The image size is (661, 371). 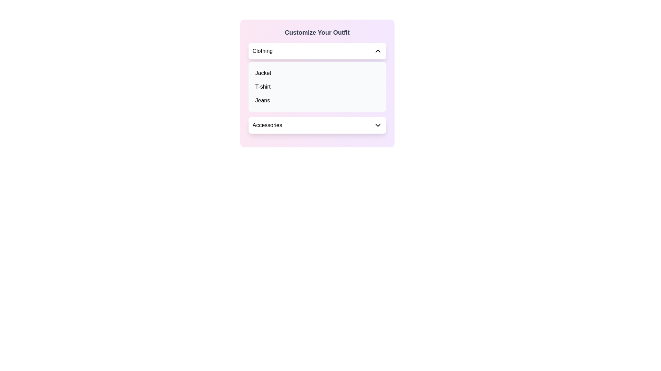 I want to click on the 'Customize Your Outfit' text label, which is styled as bold and centrally aligned at the top of its section, so click(x=317, y=33).